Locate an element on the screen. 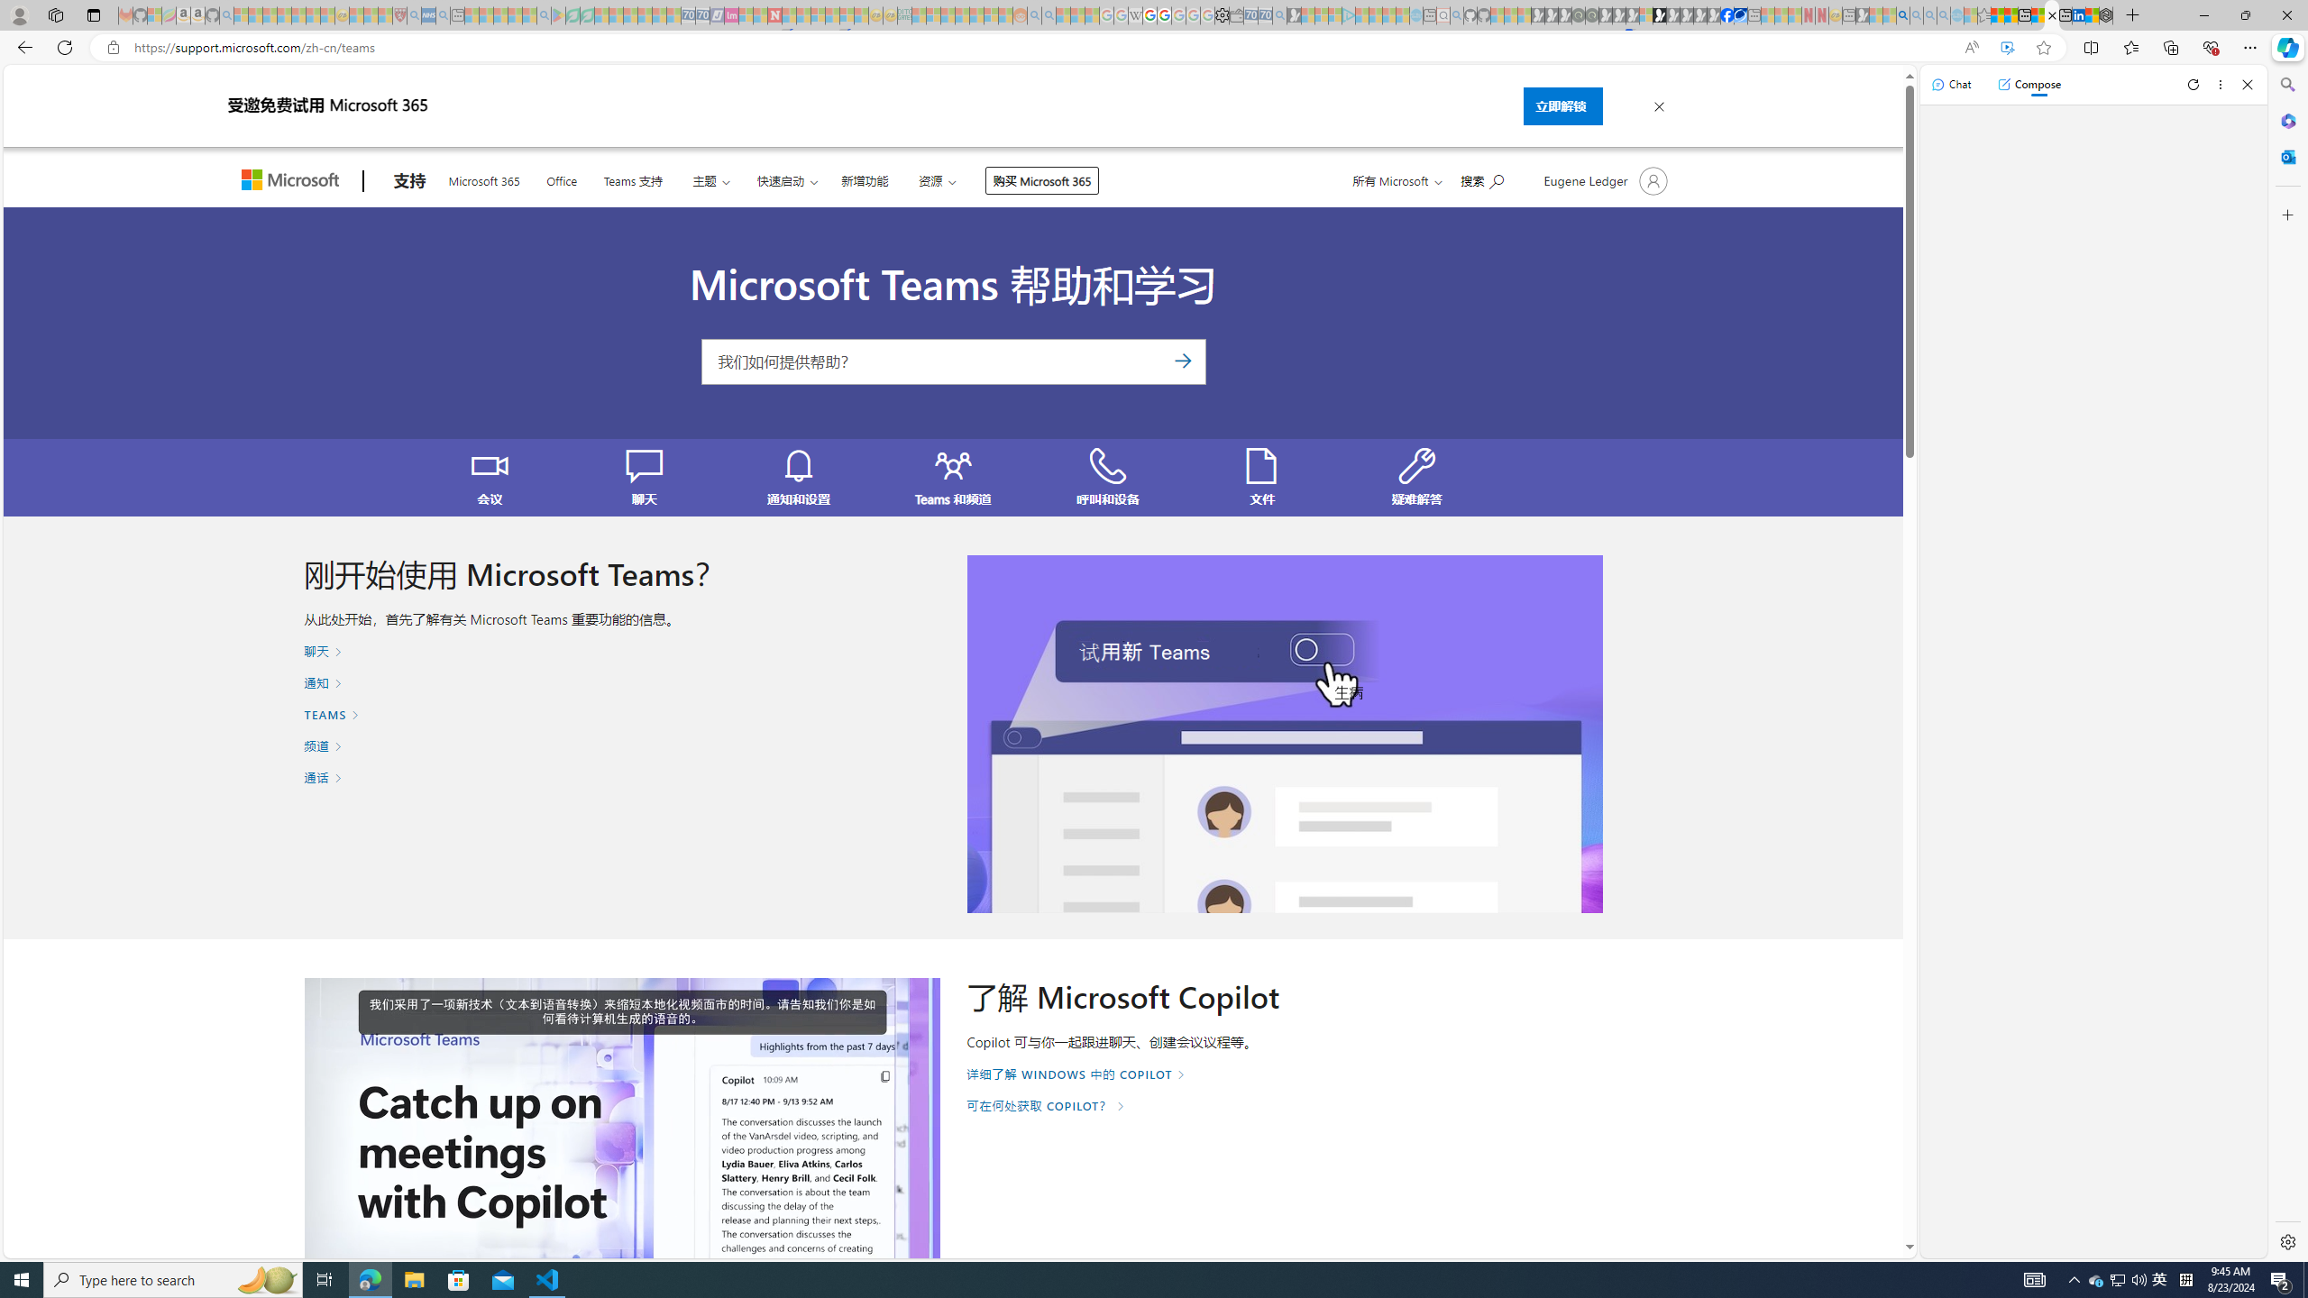  'LinkedIn' is located at coordinates (2079, 14).